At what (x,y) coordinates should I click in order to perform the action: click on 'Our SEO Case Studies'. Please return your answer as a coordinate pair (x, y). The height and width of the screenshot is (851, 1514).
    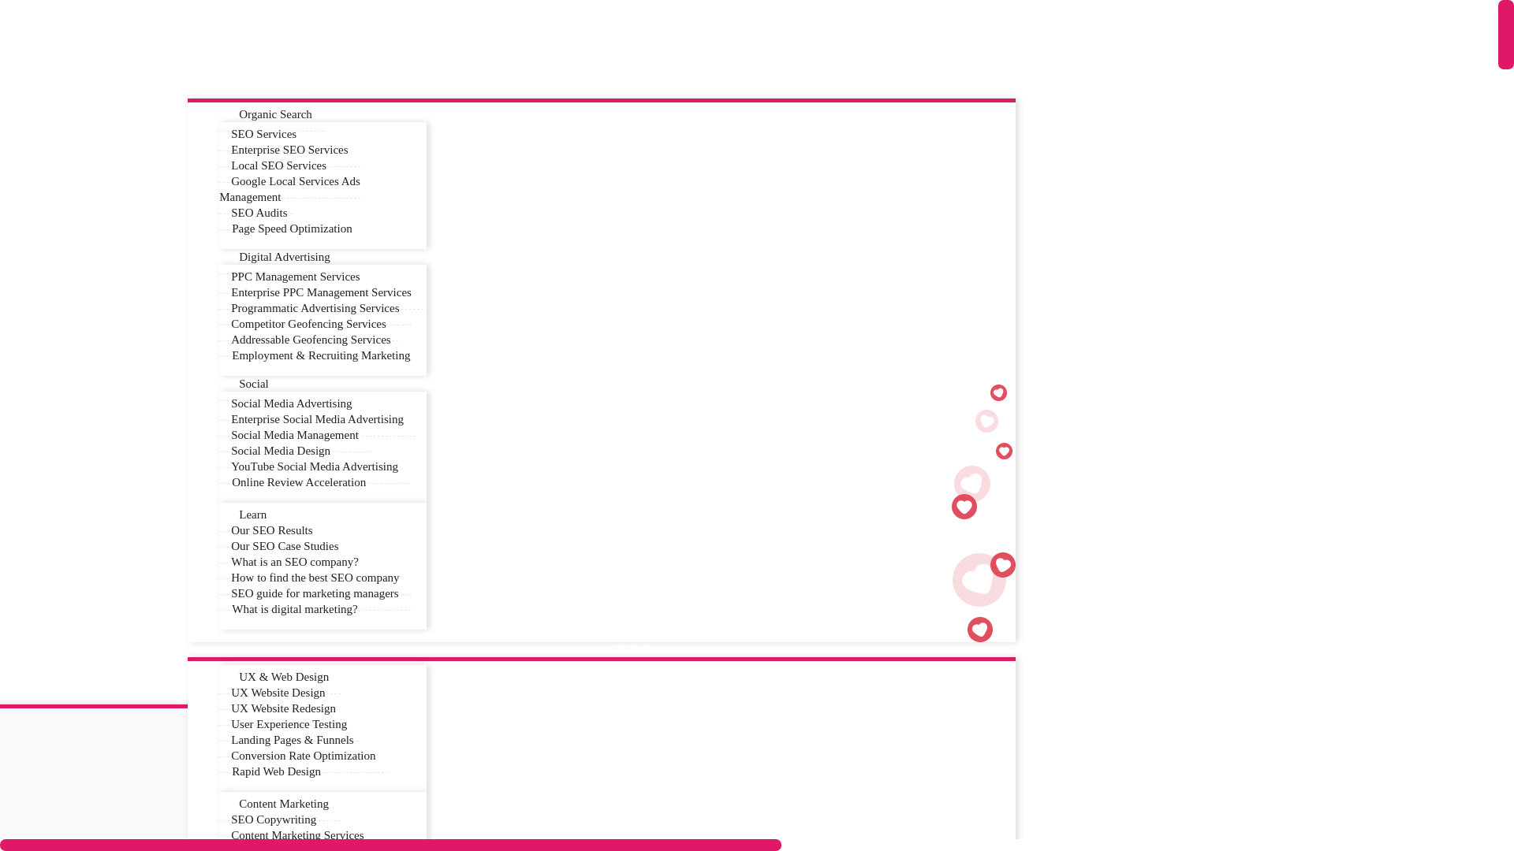
    Looking at the image, I should click on (284, 545).